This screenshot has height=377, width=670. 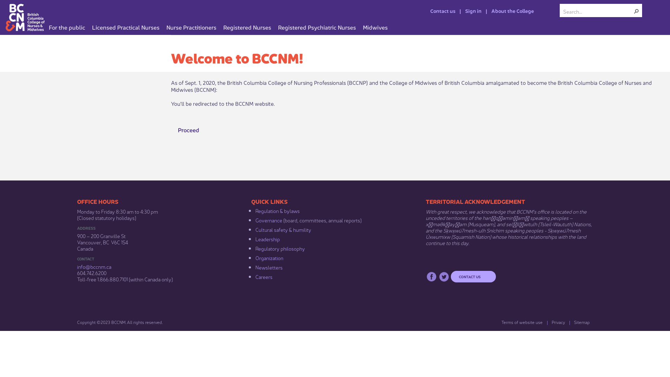 I want to click on 'Newsletters', so click(x=255, y=267).